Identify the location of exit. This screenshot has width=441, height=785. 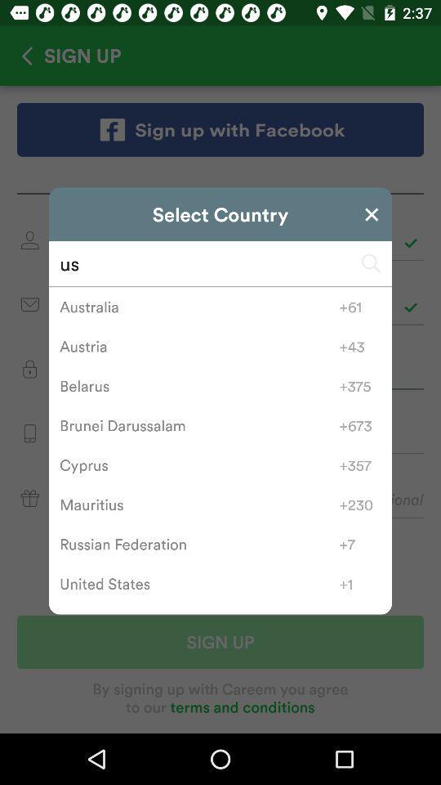
(372, 213).